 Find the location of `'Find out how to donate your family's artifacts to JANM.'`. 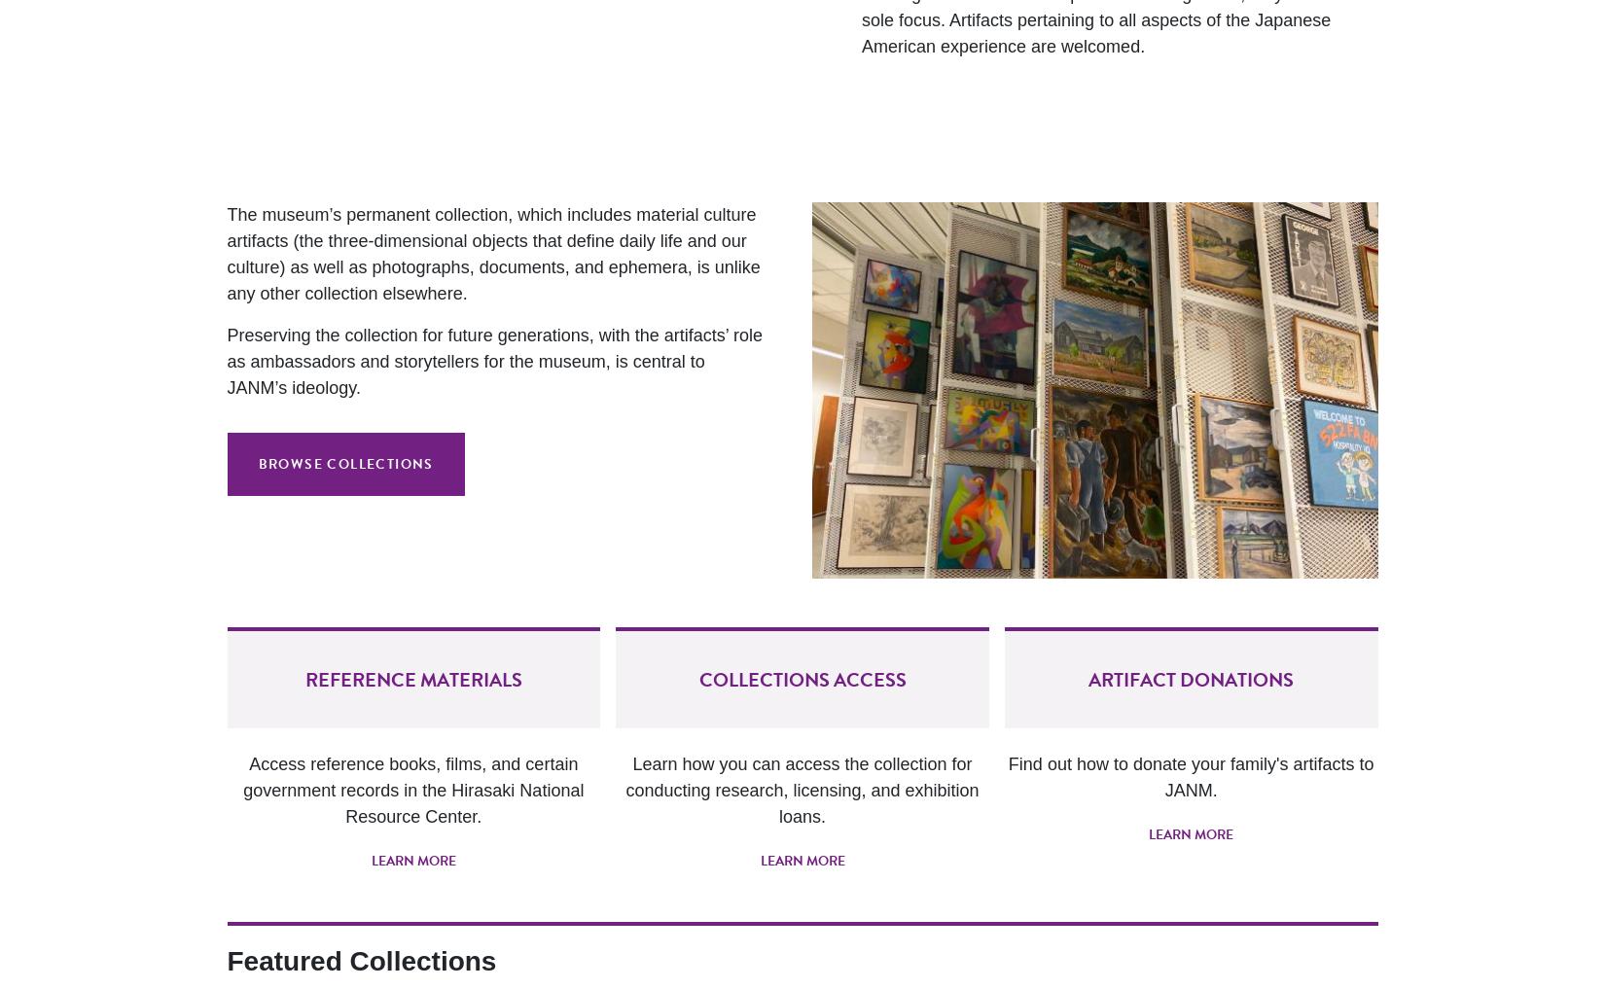

'Find out how to donate your family's artifacts to JANM.' is located at coordinates (1190, 776).